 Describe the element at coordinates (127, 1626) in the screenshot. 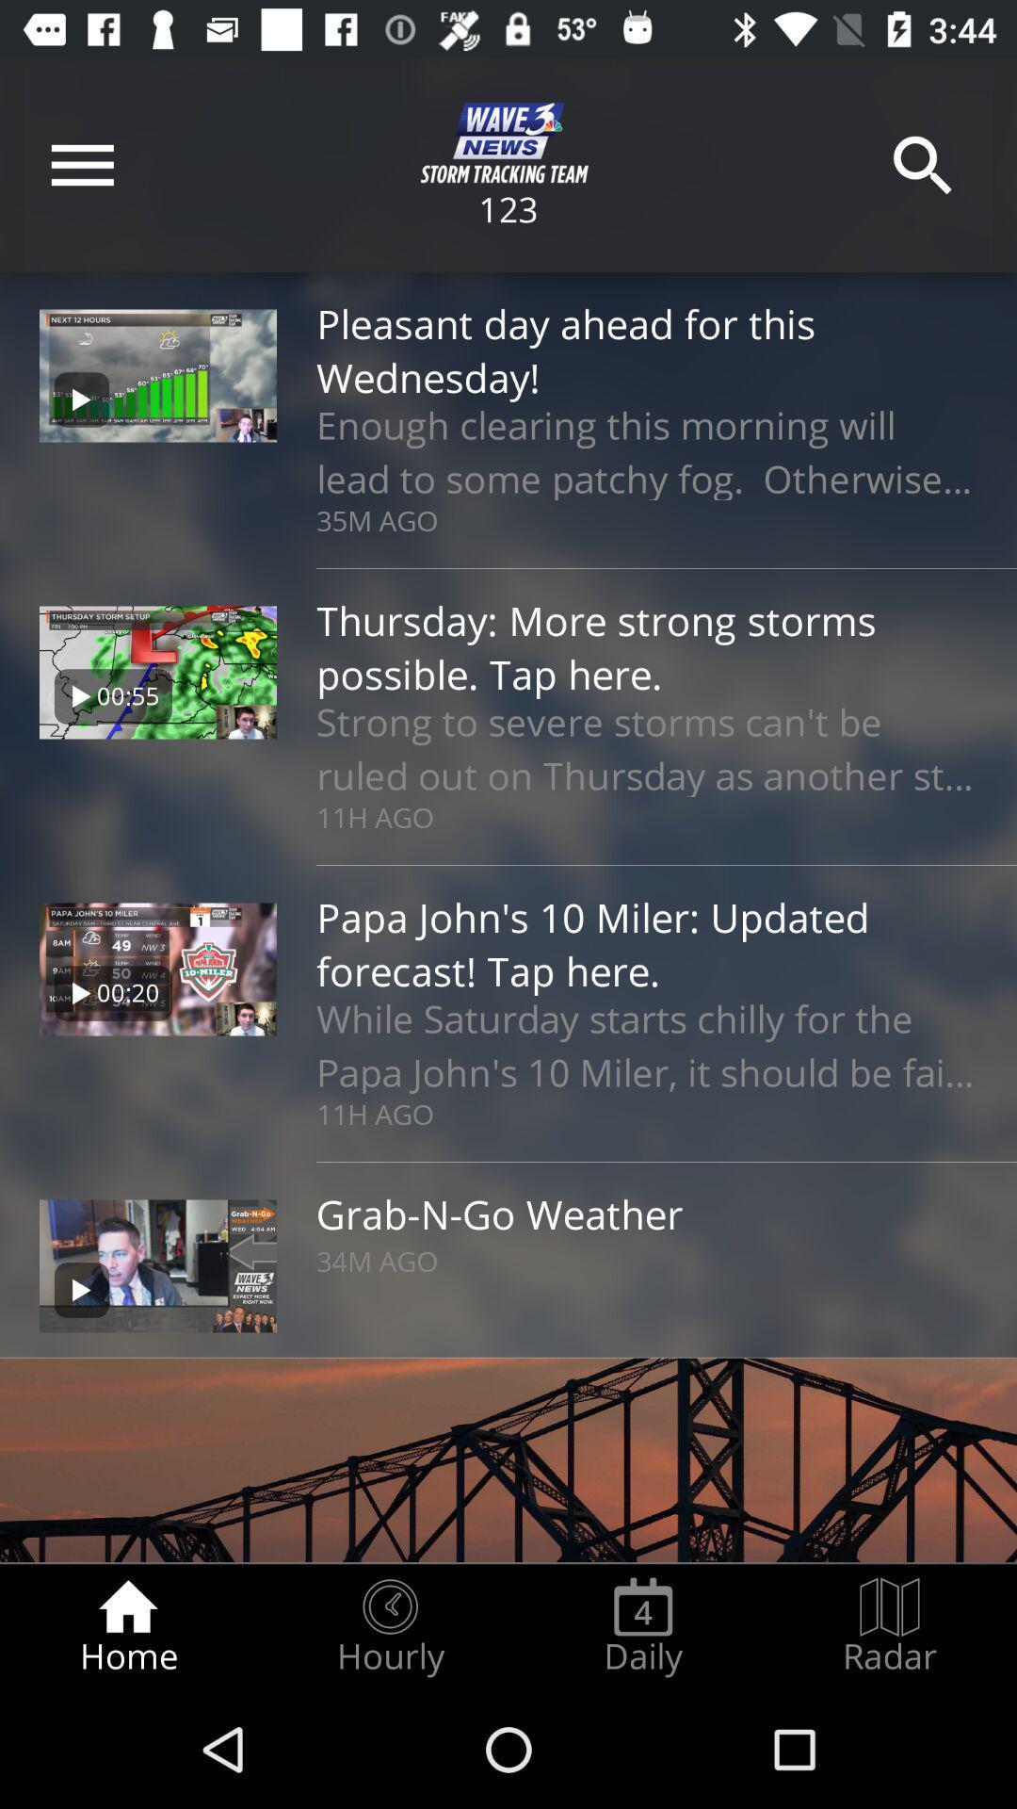

I see `the item next to the hourly` at that location.